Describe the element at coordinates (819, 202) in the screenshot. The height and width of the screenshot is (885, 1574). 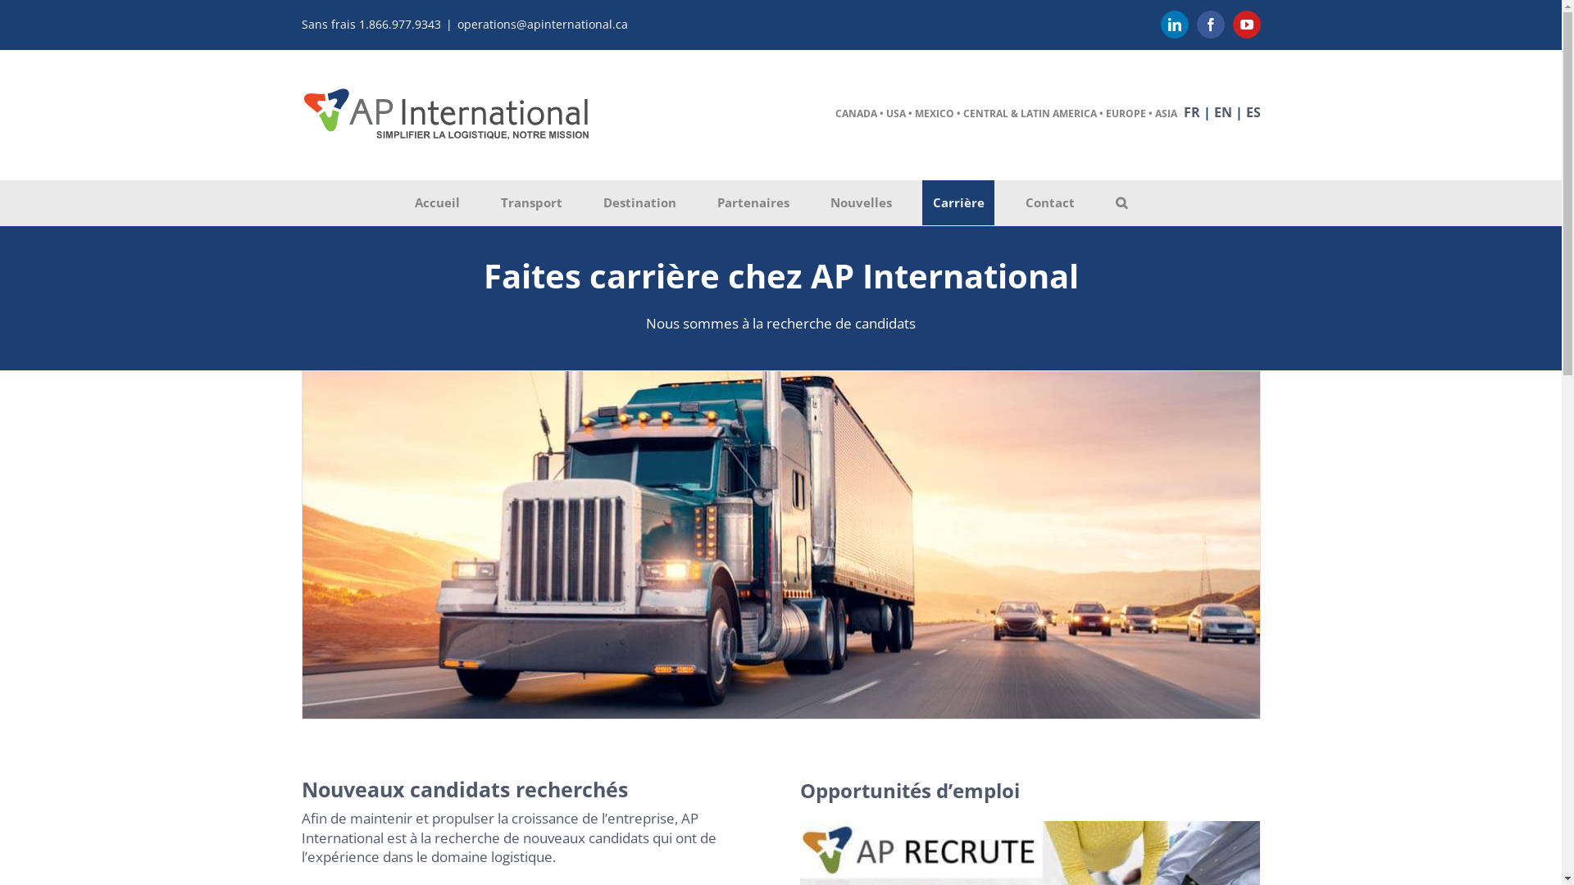
I see `'Nouvelles'` at that location.